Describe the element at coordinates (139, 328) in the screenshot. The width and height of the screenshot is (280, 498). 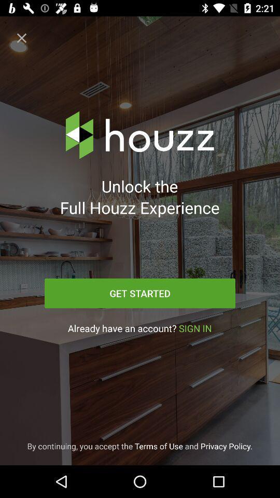
I see `already have an` at that location.